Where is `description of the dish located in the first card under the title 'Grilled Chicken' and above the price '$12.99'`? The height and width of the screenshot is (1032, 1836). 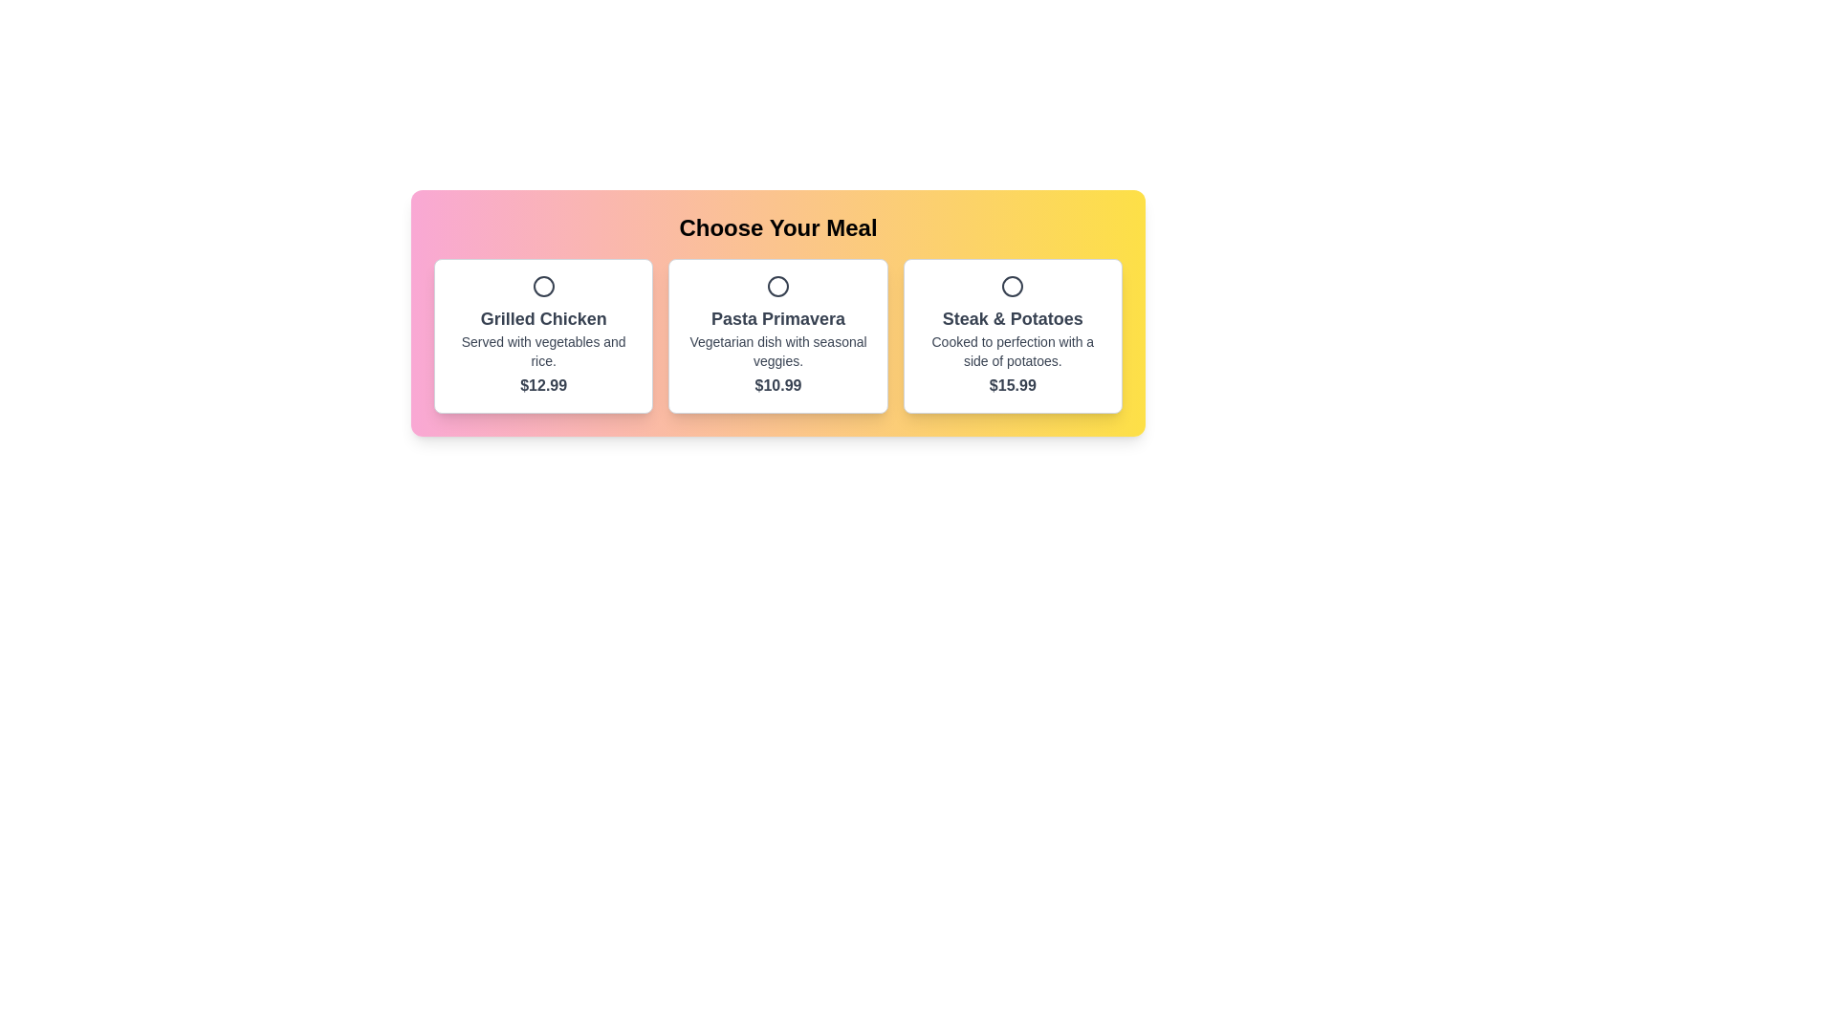
description of the dish located in the first card under the title 'Grilled Chicken' and above the price '$12.99' is located at coordinates (542, 351).